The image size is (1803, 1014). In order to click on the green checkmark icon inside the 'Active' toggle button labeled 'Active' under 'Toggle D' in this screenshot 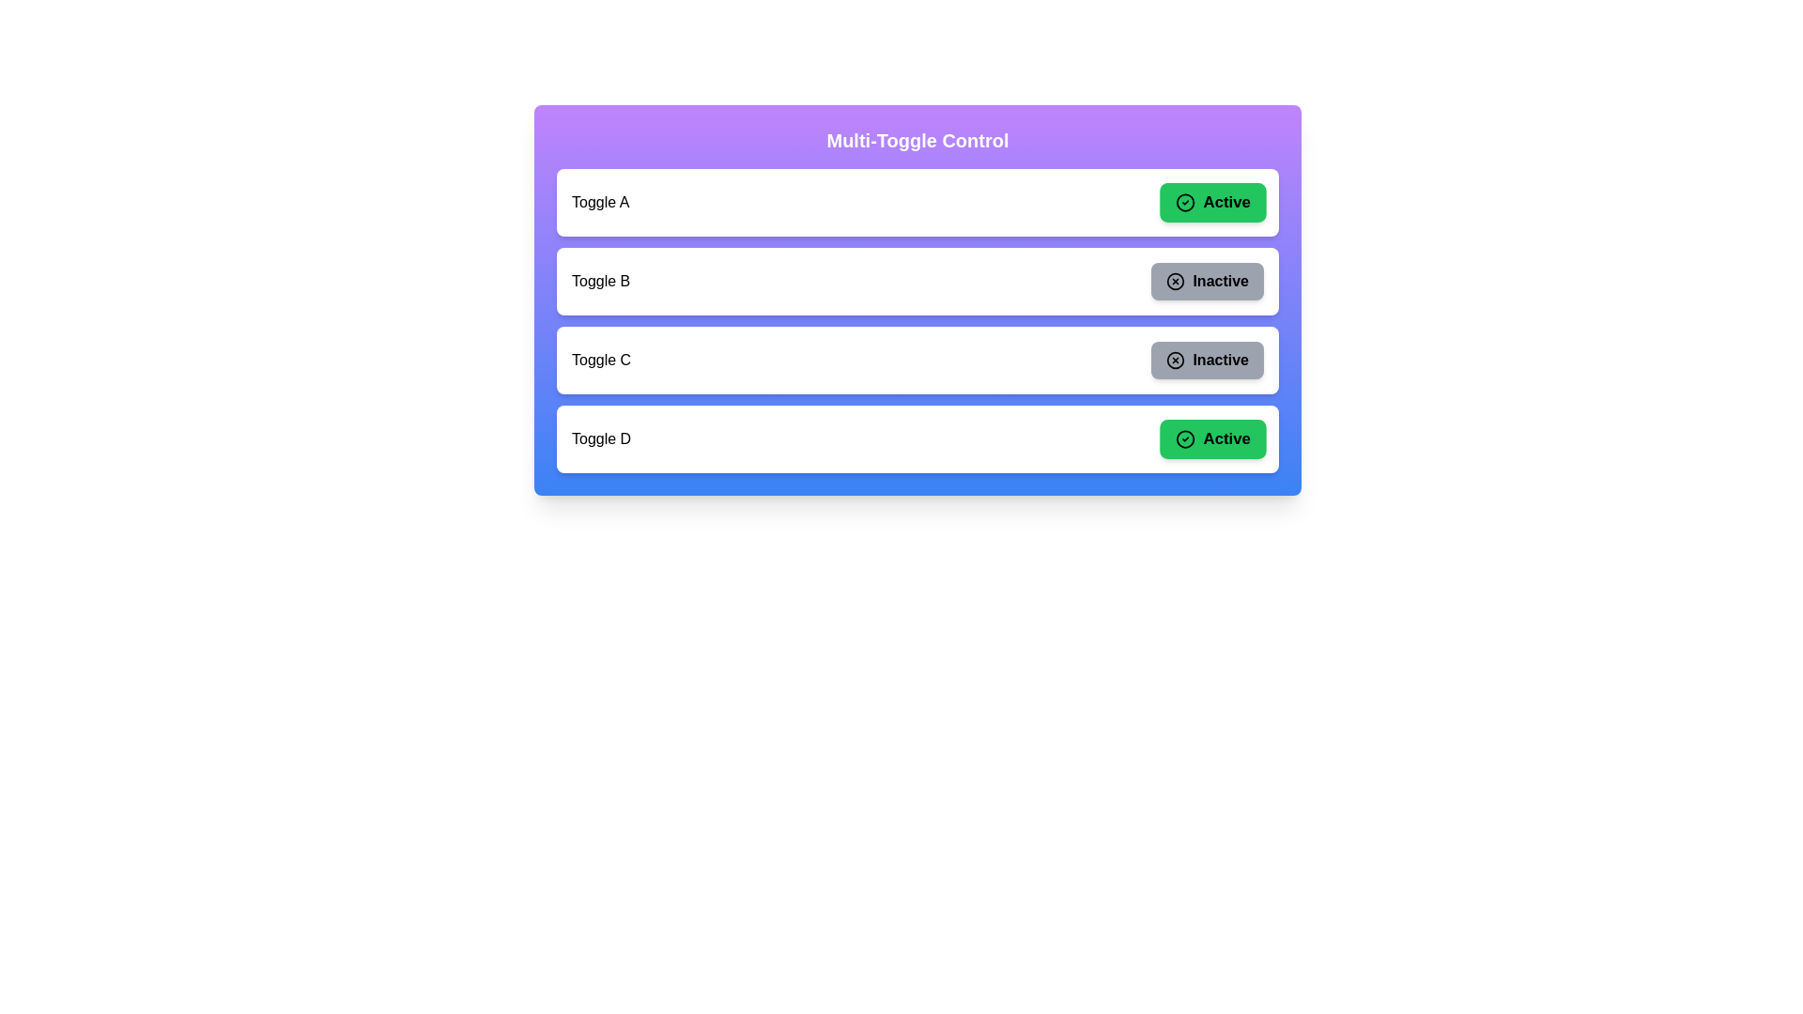, I will do `click(1184, 438)`.